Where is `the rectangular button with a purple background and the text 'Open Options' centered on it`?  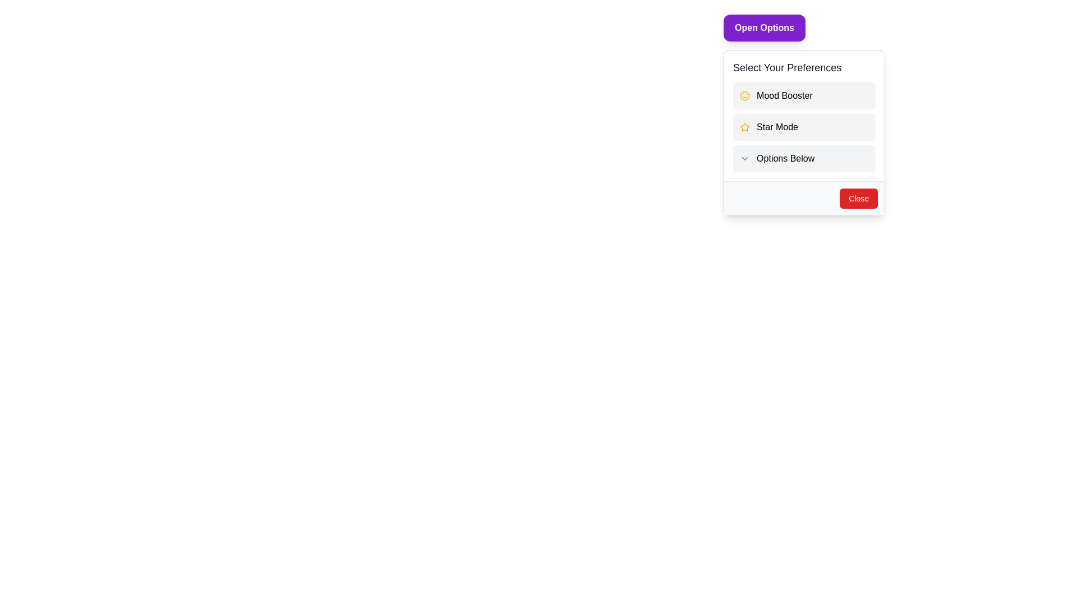 the rectangular button with a purple background and the text 'Open Options' centered on it is located at coordinates (764, 27).